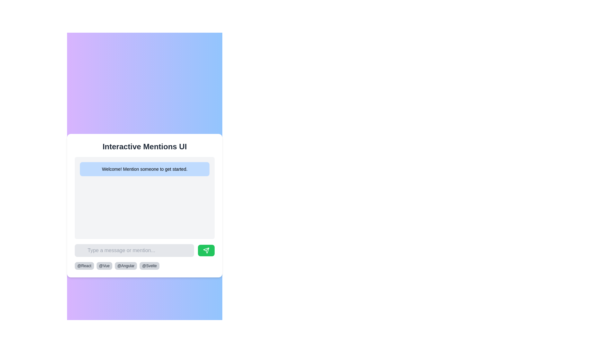  What do you see at coordinates (206, 250) in the screenshot?
I see `the submit button located at the bottom-right corner of the form to send the content entered in the adjacent text field` at bounding box center [206, 250].